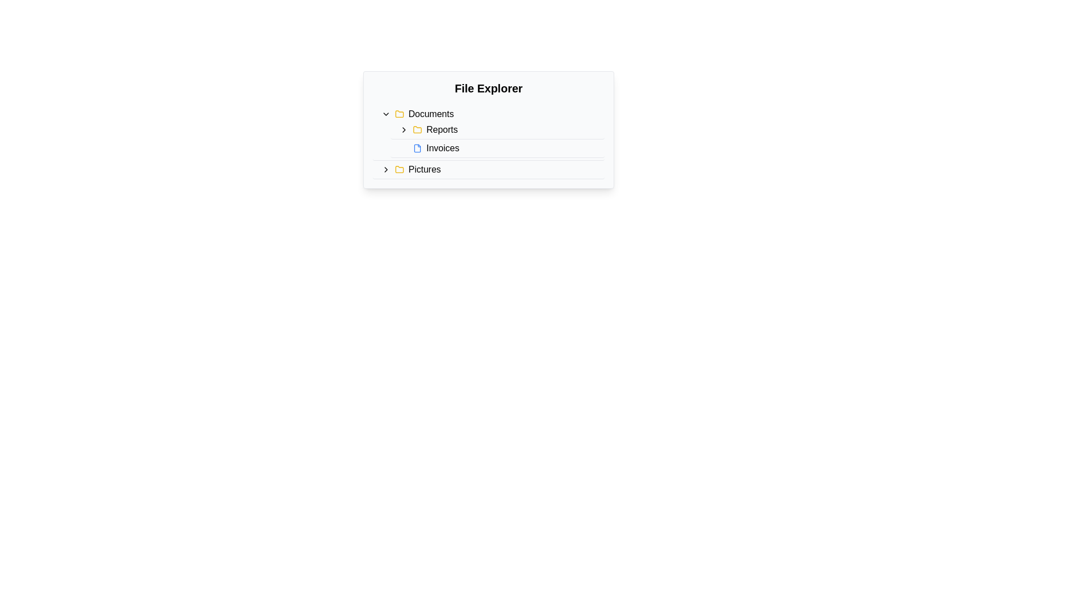  I want to click on the folder icon with a yellow outline located to the left of the 'Pictures' text label, so click(400, 170).